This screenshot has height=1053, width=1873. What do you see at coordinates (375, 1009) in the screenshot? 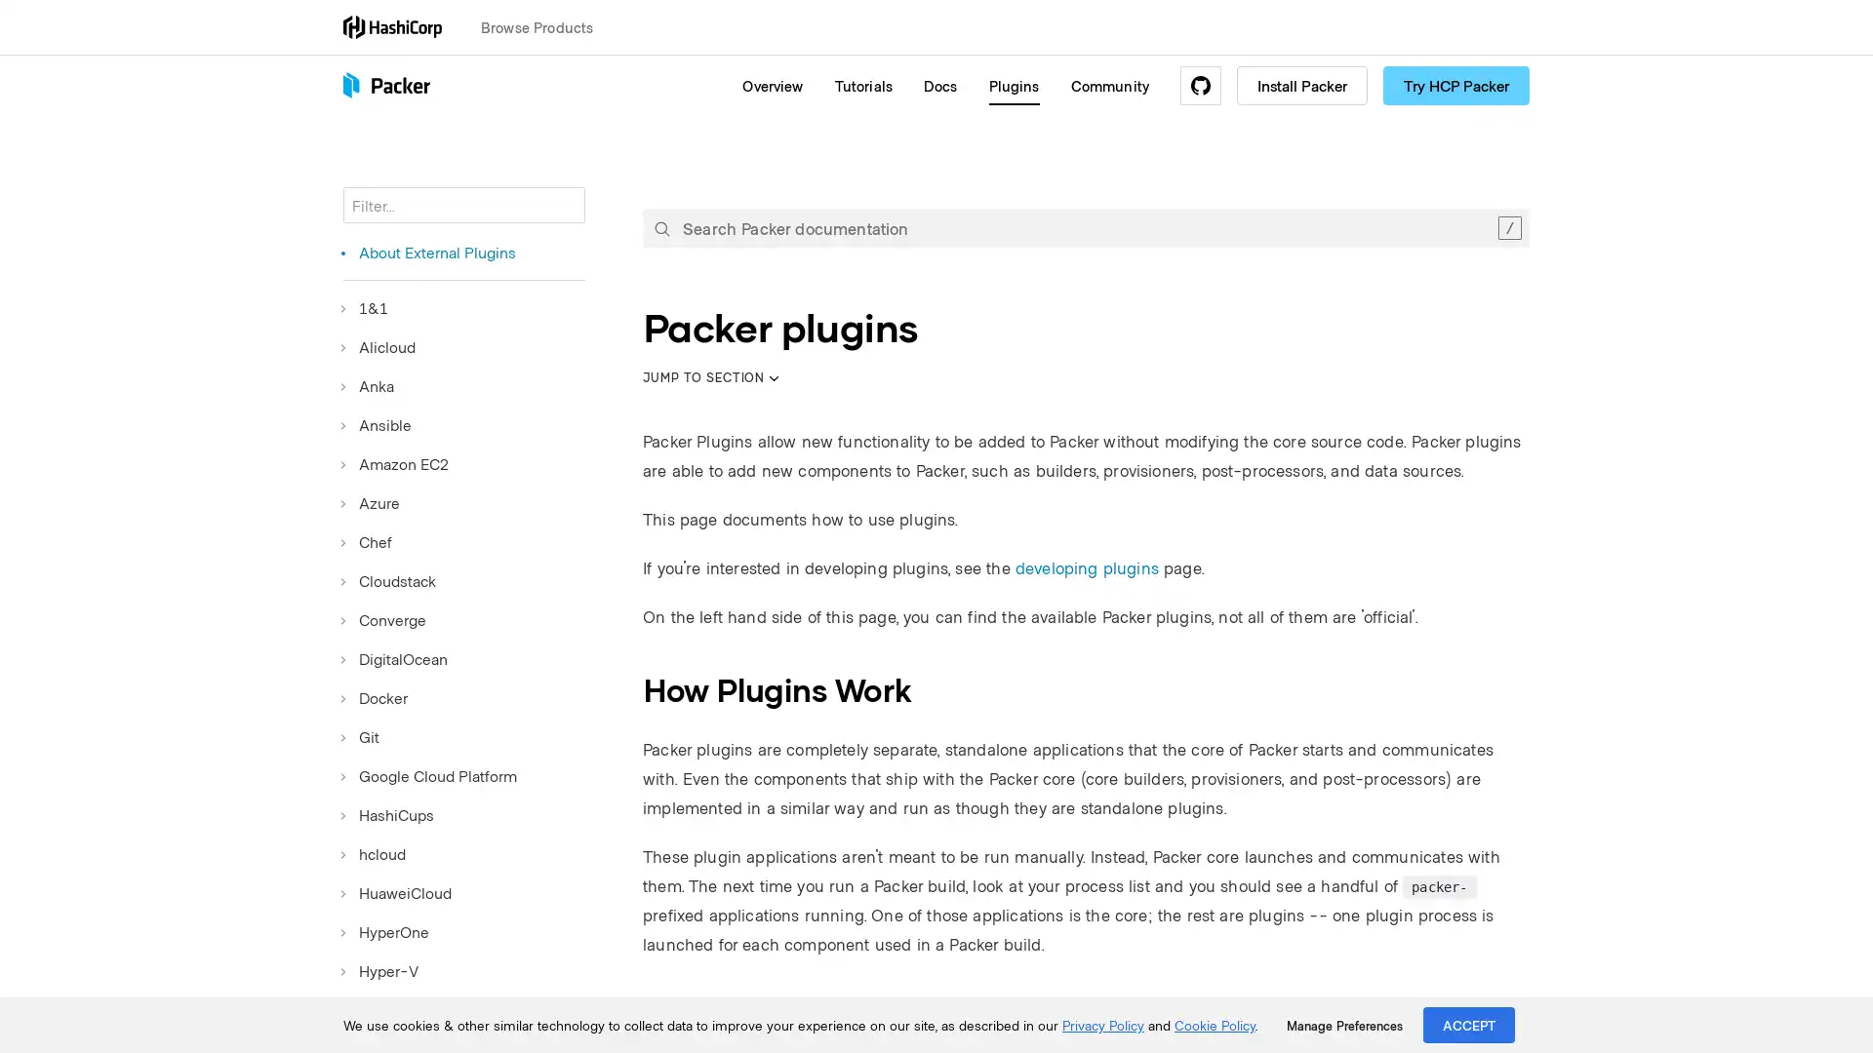
I see `InSpec` at bounding box center [375, 1009].